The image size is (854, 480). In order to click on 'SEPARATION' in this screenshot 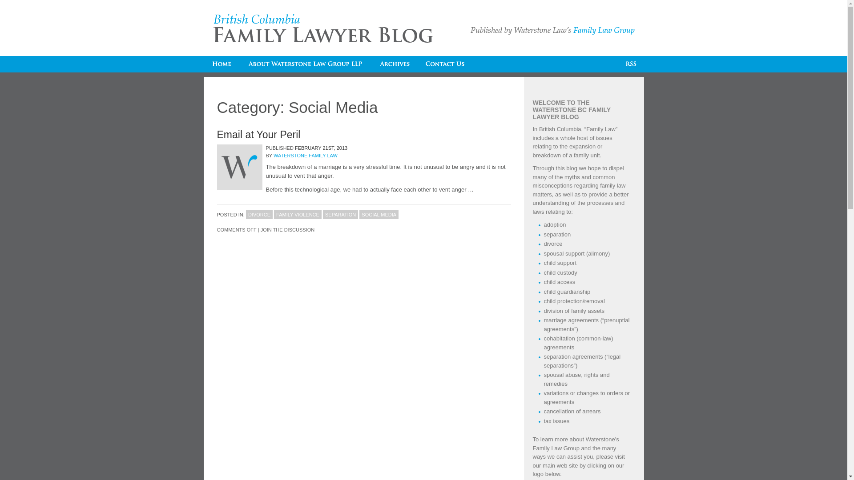, I will do `click(340, 214)`.